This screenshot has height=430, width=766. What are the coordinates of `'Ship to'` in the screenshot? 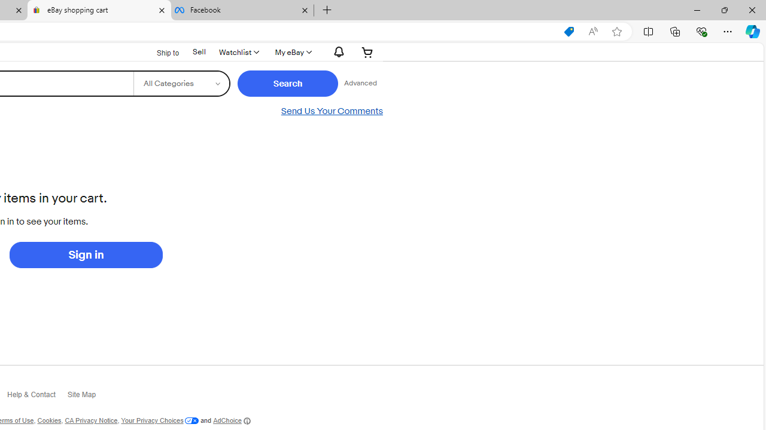 It's located at (159, 52).